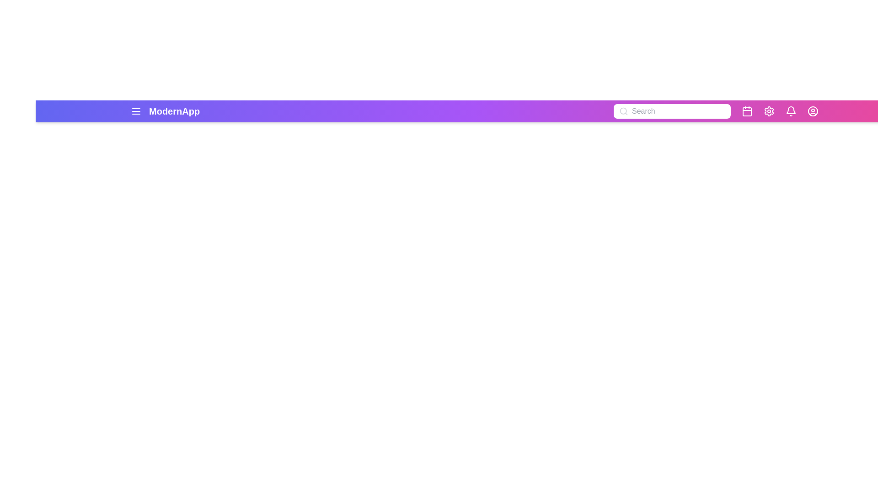 The height and width of the screenshot is (493, 878). What do you see at coordinates (768, 110) in the screenshot?
I see `the cogwheel icon located near the top right of the navigation bar` at bounding box center [768, 110].